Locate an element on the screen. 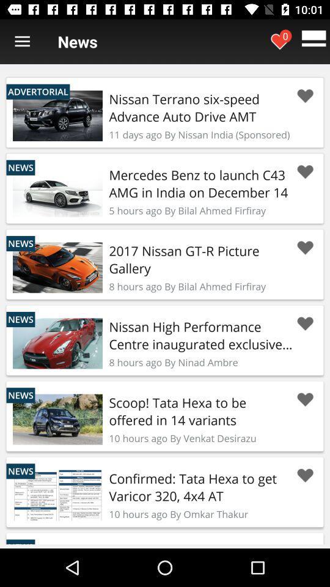  love article is located at coordinates (304, 323).